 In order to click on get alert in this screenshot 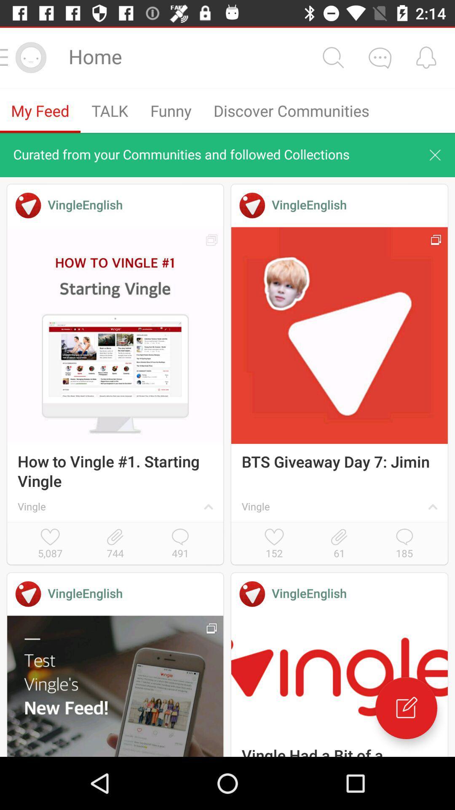, I will do `click(426, 57)`.